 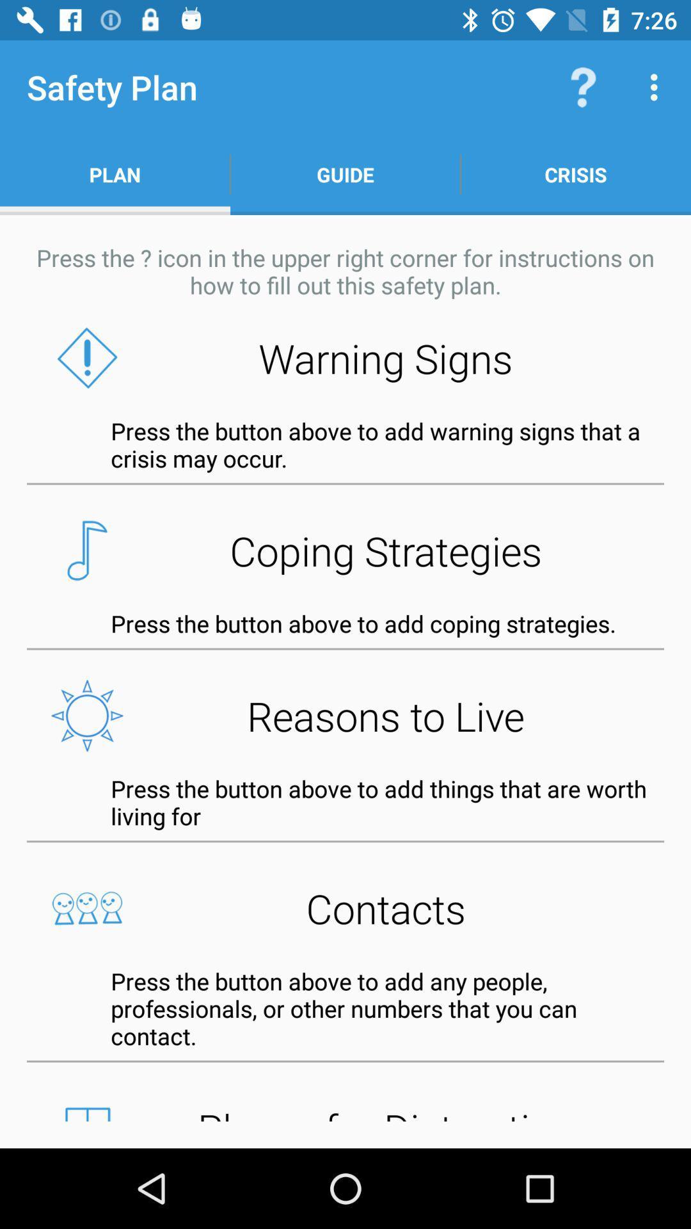 I want to click on contacts icon, so click(x=345, y=908).